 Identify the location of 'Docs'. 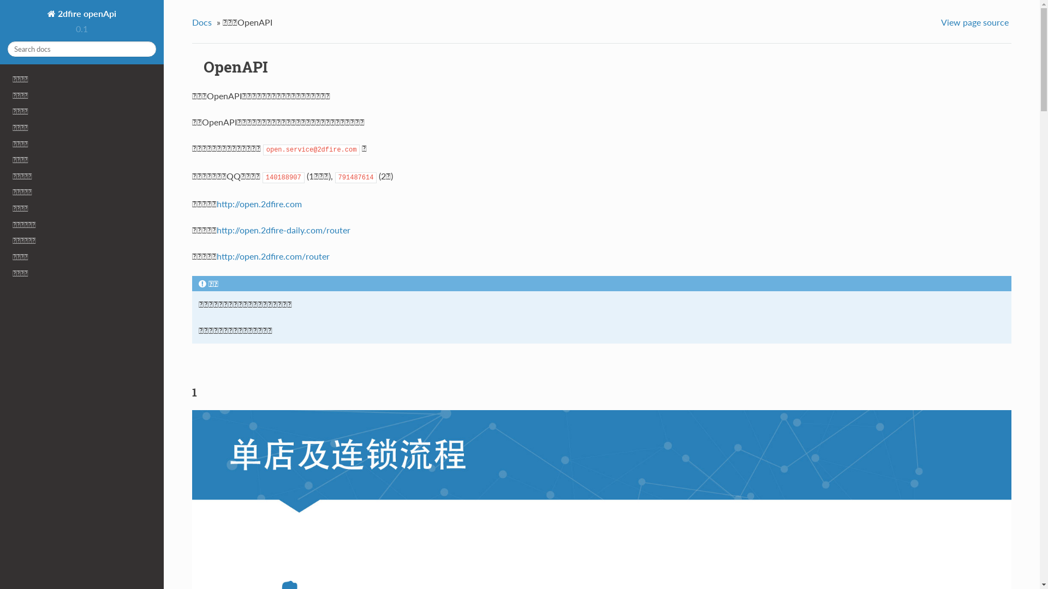
(203, 22).